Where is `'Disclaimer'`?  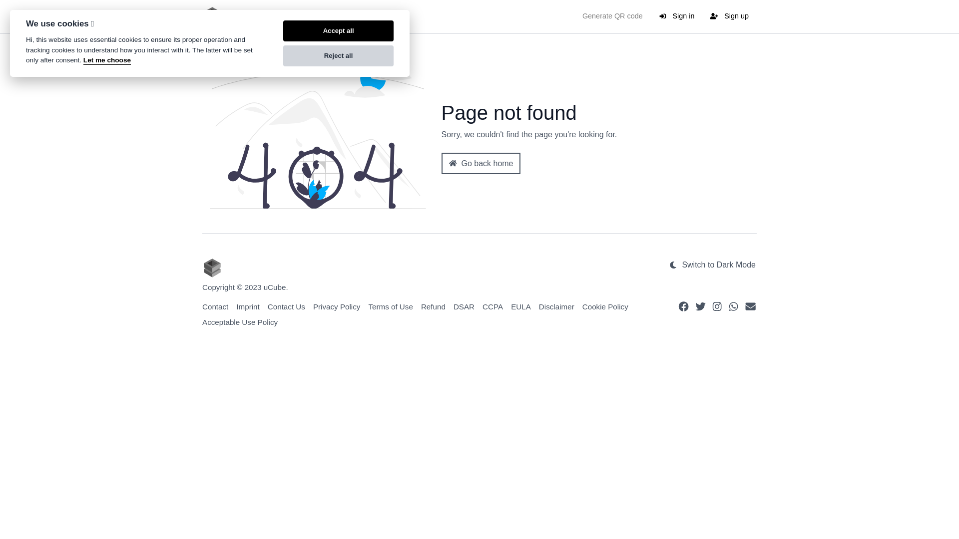
'Disclaimer' is located at coordinates (556, 306).